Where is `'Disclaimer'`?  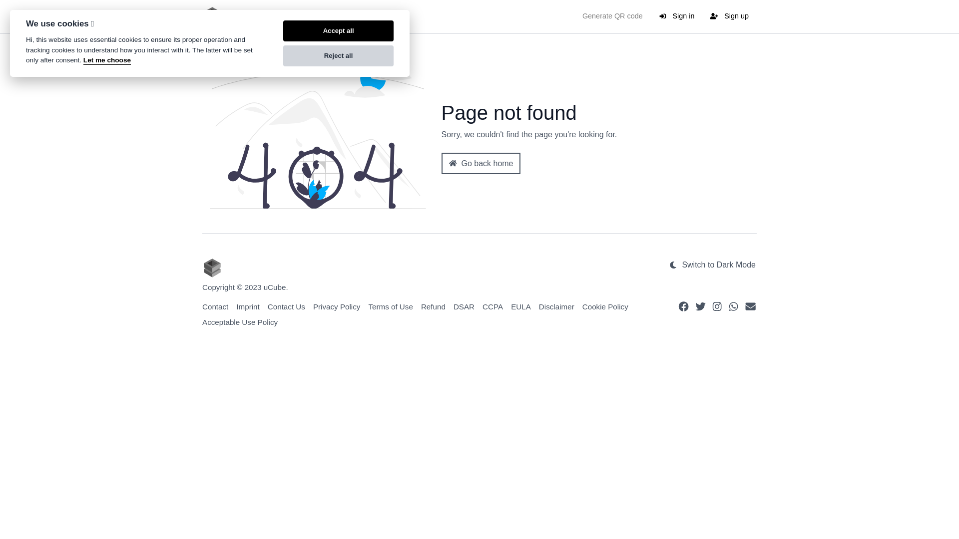
'Disclaimer' is located at coordinates (556, 306).